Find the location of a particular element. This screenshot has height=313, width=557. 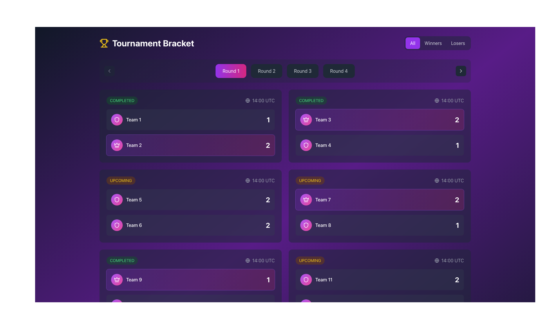

the shield icon with a white color and gradient circular background located in the card for Team 8 in the second upcoming match section is located at coordinates (306, 225).